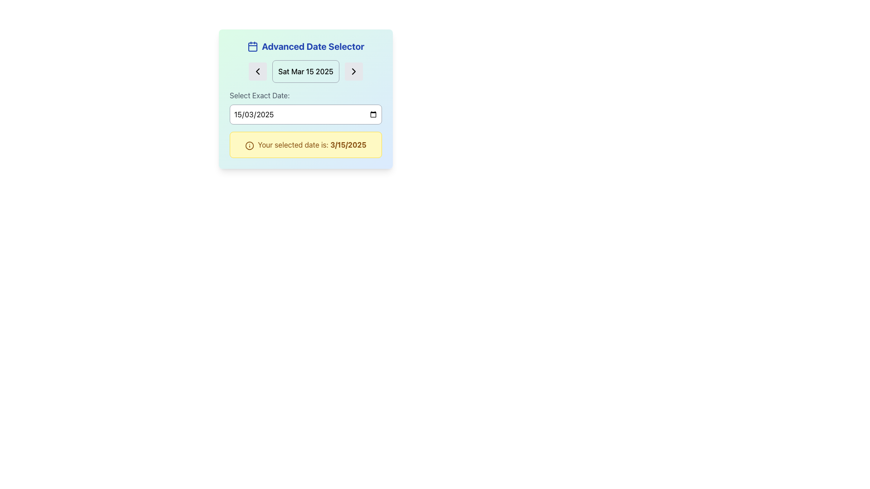 This screenshot has height=489, width=870. I want to click on the label that says 'Select Exact Date:' which is styled in gray font color and positioned above the date input field, so click(259, 96).